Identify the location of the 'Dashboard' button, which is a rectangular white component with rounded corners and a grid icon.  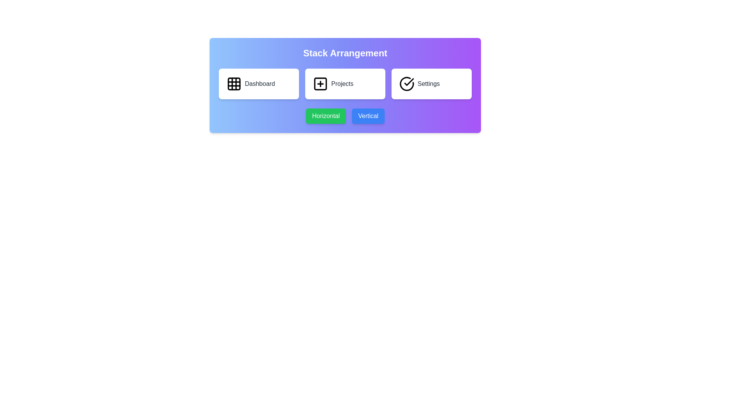
(259, 84).